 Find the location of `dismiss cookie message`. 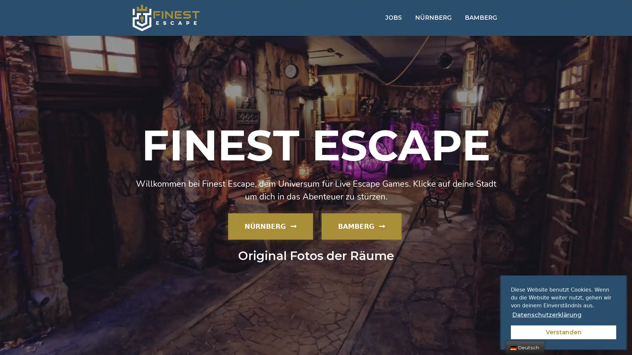

dismiss cookie message is located at coordinates (563, 332).